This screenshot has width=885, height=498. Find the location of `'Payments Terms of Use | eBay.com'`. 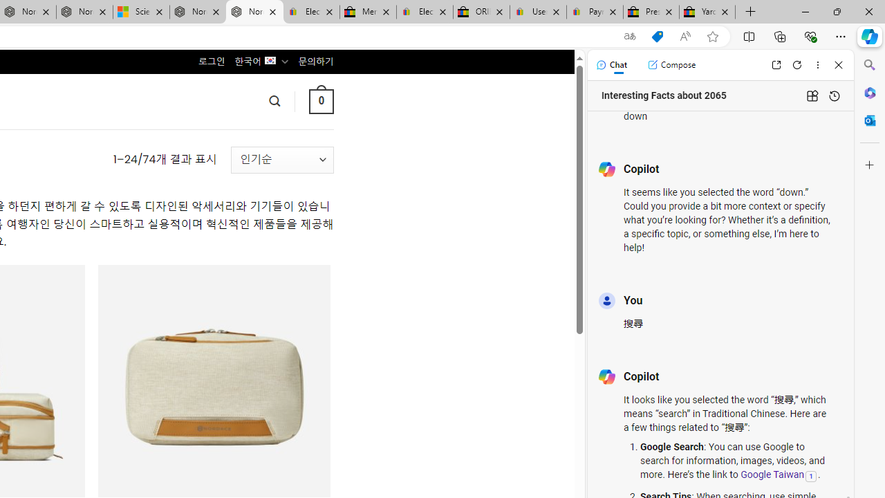

'Payments Terms of Use | eBay.com' is located at coordinates (595, 12).